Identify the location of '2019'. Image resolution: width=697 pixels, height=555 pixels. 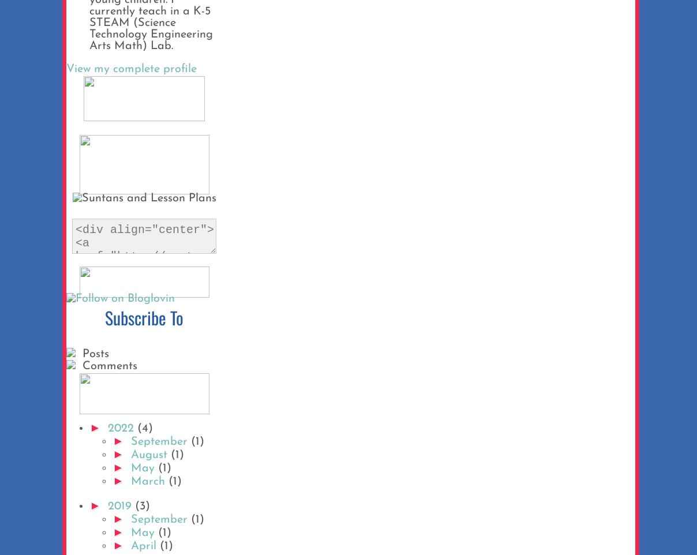
(107, 506).